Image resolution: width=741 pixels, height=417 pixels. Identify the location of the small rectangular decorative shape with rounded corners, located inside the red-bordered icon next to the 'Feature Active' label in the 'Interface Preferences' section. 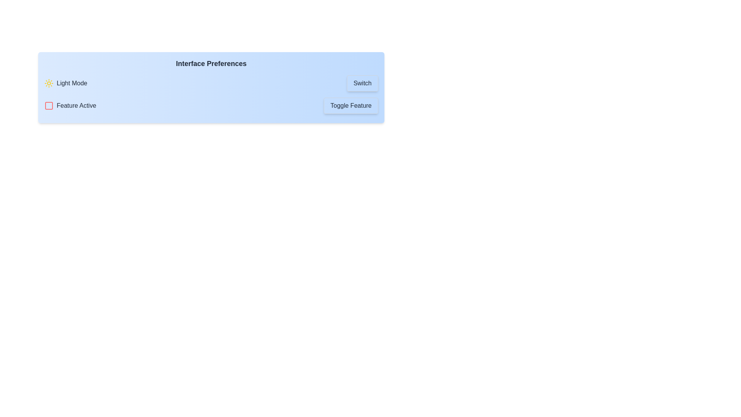
(48, 105).